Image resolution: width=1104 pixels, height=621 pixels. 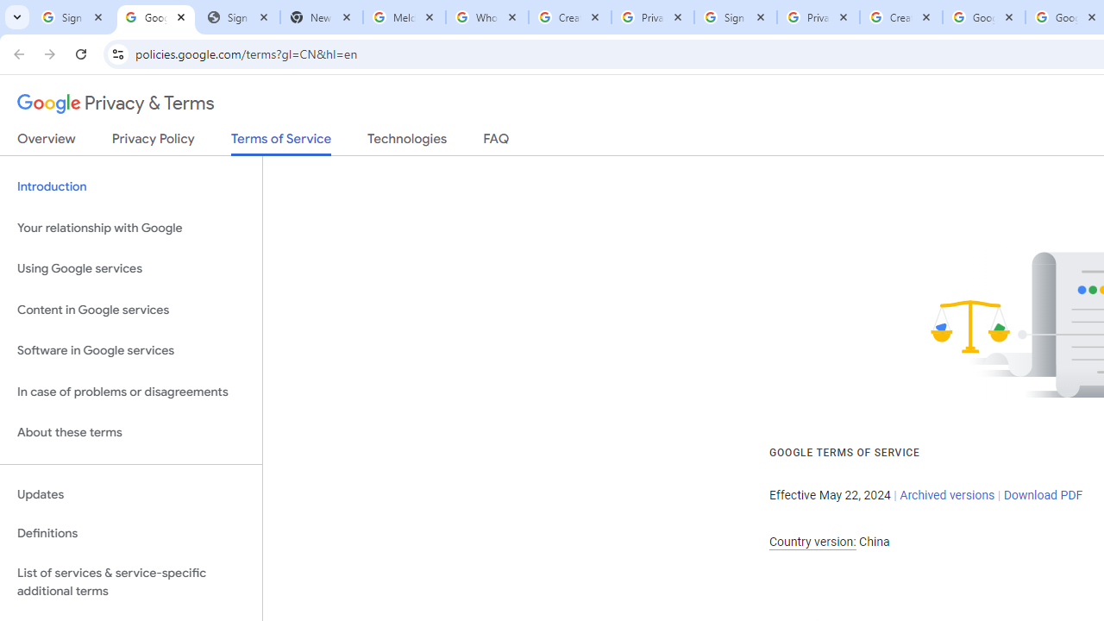 I want to click on 'Sign In - USA TODAY', so click(x=238, y=17).